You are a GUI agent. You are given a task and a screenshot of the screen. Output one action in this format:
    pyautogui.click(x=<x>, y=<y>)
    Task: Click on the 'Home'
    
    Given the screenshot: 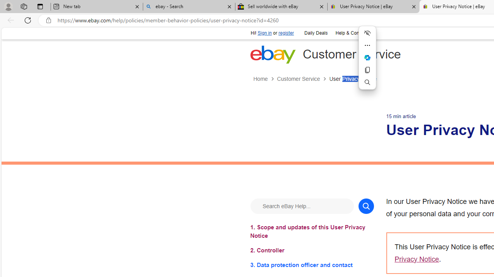 What is the action you would take?
    pyautogui.click(x=265, y=79)
    